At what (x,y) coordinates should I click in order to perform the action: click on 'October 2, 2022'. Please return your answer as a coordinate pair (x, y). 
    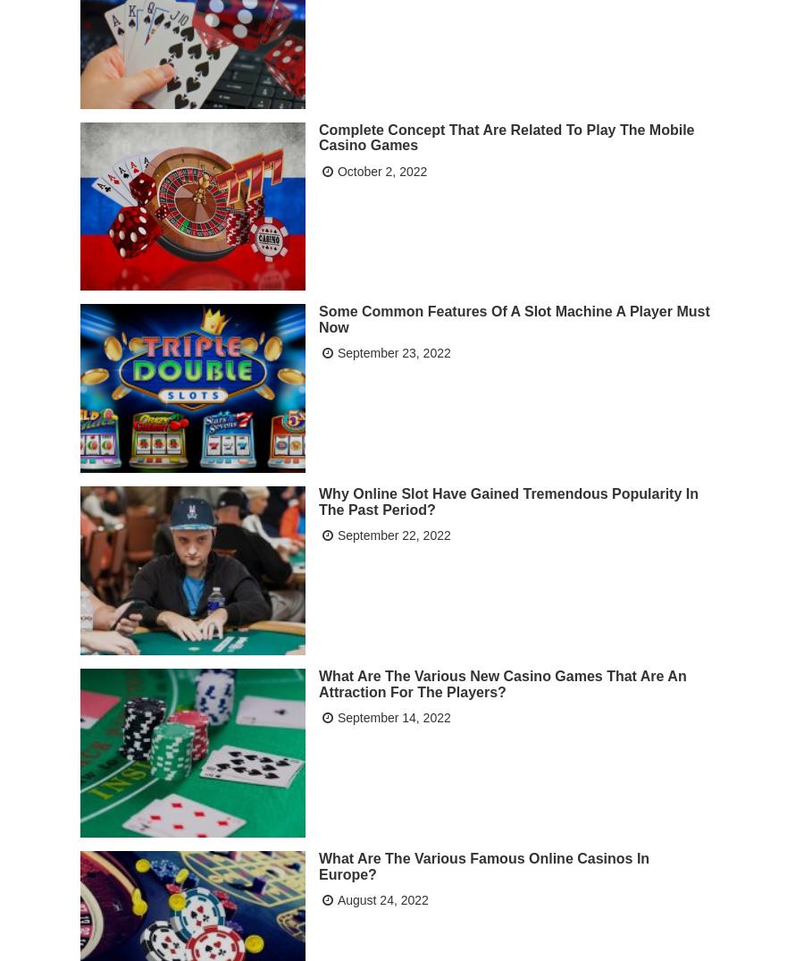
    Looking at the image, I should click on (381, 169).